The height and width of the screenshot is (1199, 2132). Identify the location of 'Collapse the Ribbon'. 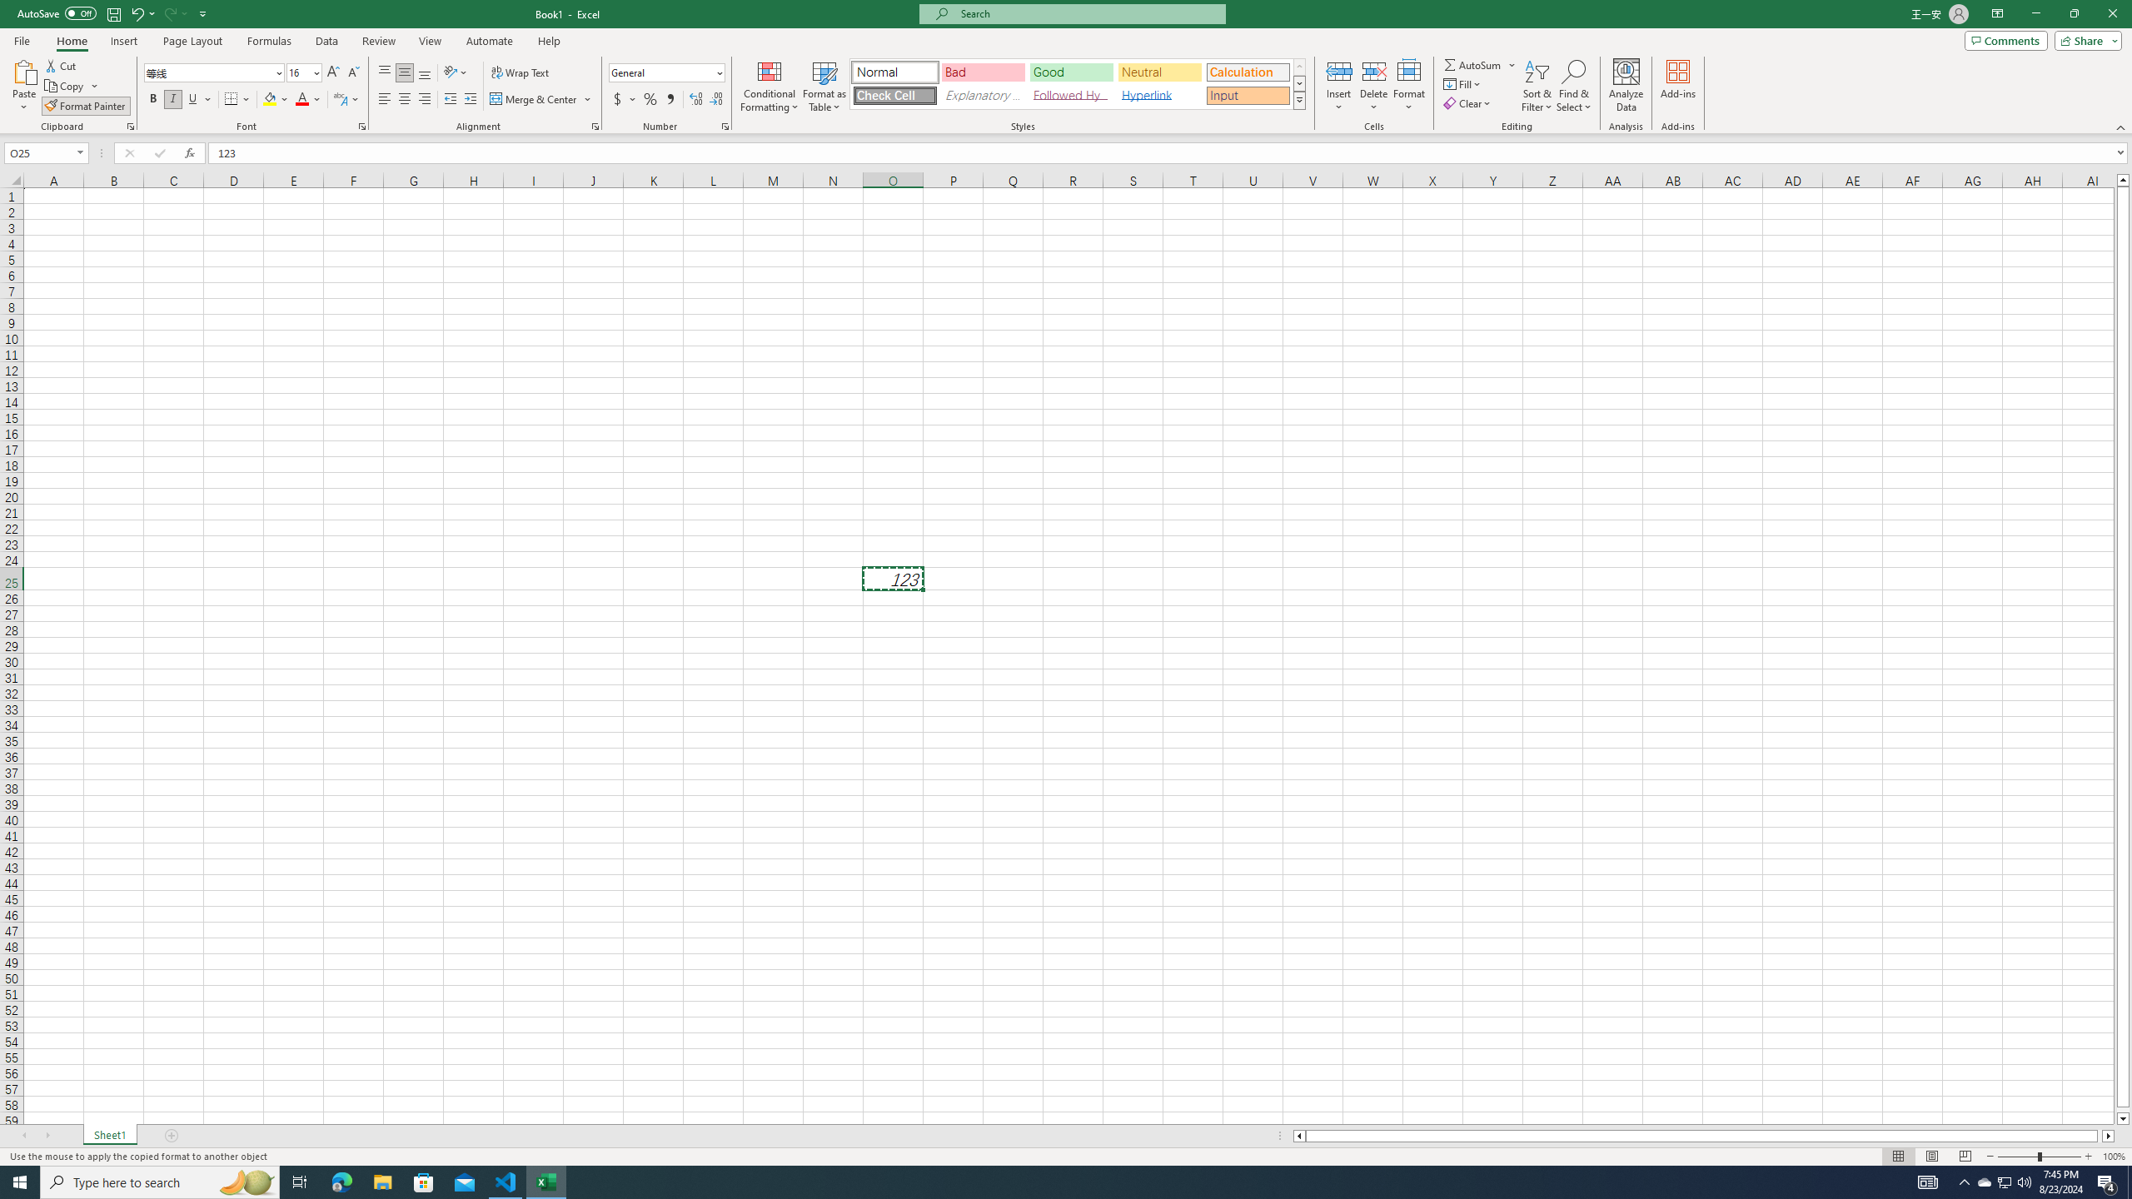
(2121, 127).